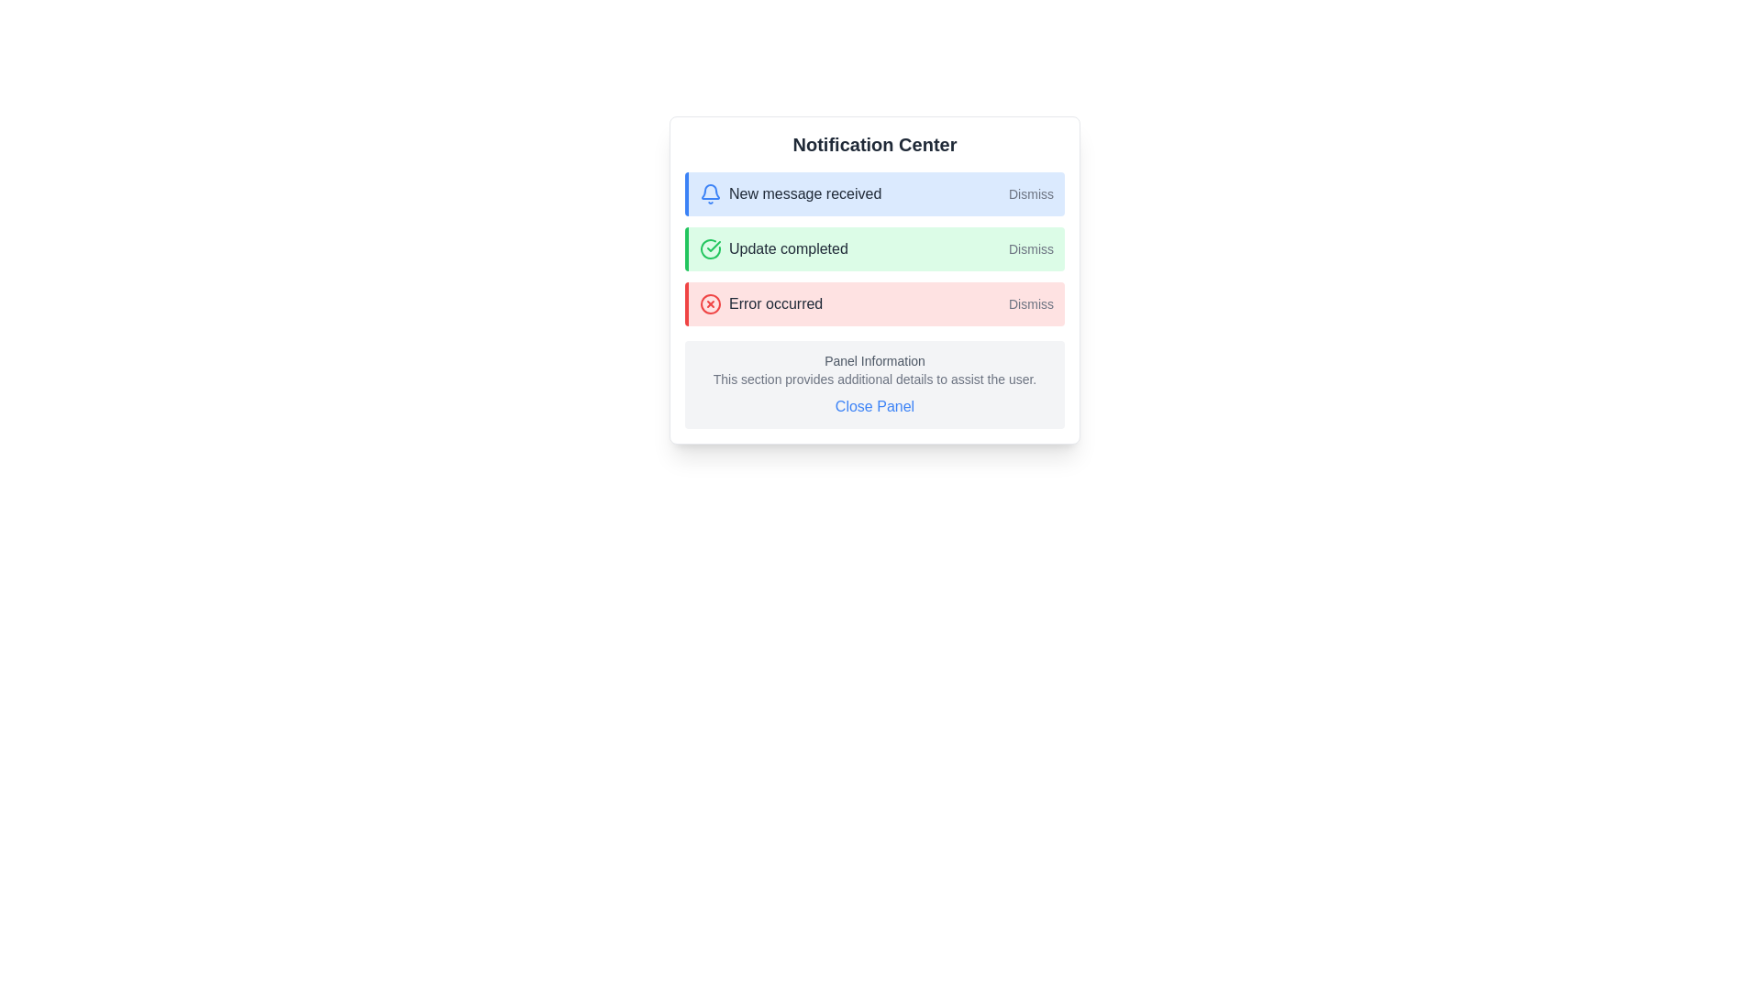  I want to click on the 'Dismiss' button in the upper-right corner of the blue notification bar, so click(1031, 194).